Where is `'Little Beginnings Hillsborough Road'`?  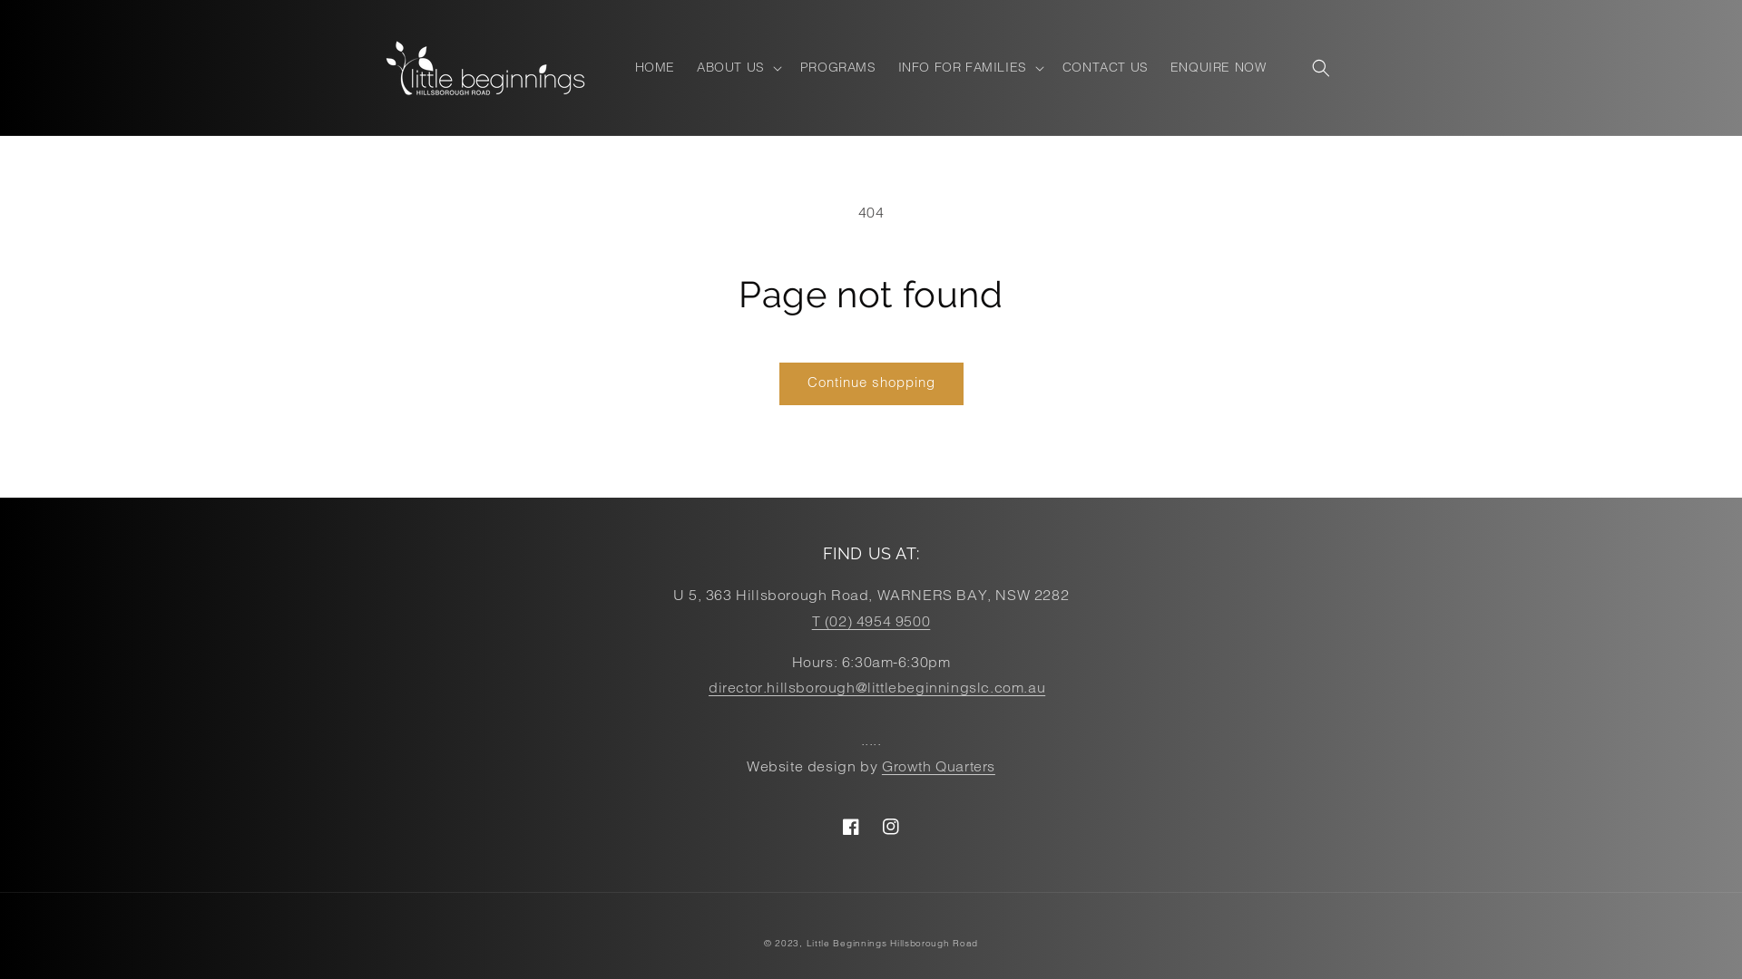 'Little Beginnings Hillsborough Road' is located at coordinates (892, 942).